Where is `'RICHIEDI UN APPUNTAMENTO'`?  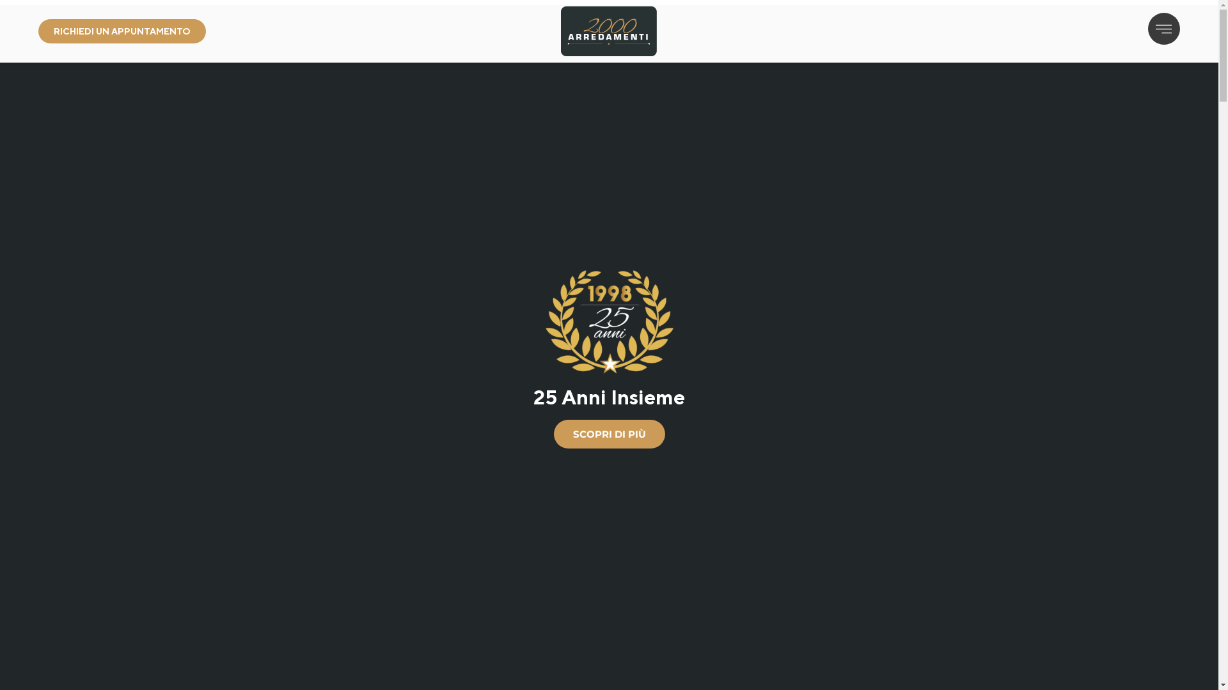 'RICHIEDI UN APPUNTAMENTO' is located at coordinates (122, 31).